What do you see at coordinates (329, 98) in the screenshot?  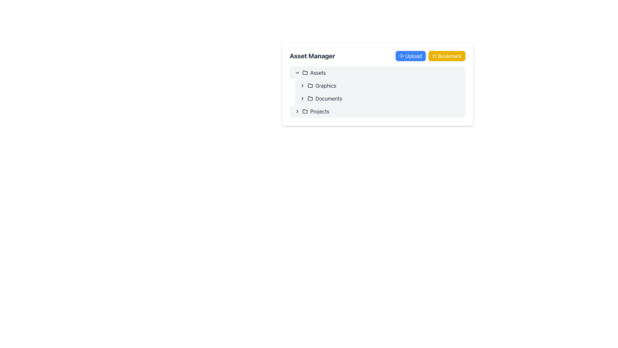 I see `the 'Documents' text label in the sidebar menu` at bounding box center [329, 98].